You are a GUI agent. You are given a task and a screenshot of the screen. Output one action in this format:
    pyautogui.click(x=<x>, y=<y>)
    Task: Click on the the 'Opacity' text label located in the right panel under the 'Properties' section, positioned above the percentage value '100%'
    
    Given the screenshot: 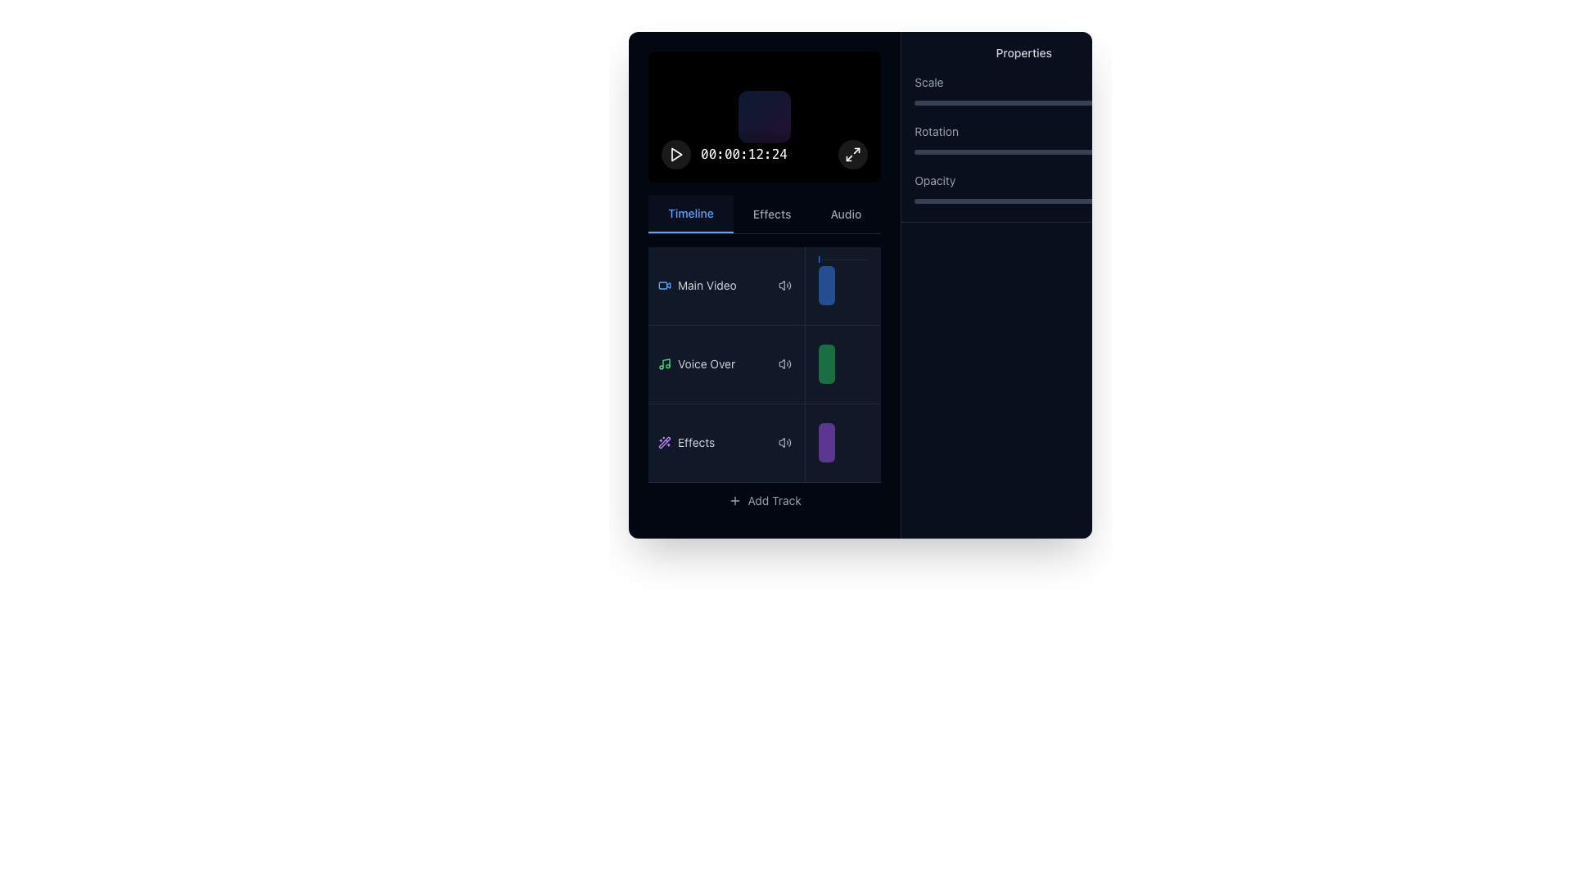 What is the action you would take?
    pyautogui.click(x=935, y=180)
    